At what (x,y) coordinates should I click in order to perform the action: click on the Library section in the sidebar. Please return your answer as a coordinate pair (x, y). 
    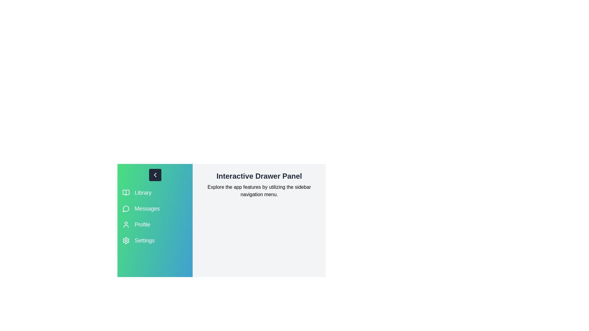
    Looking at the image, I should click on (155, 192).